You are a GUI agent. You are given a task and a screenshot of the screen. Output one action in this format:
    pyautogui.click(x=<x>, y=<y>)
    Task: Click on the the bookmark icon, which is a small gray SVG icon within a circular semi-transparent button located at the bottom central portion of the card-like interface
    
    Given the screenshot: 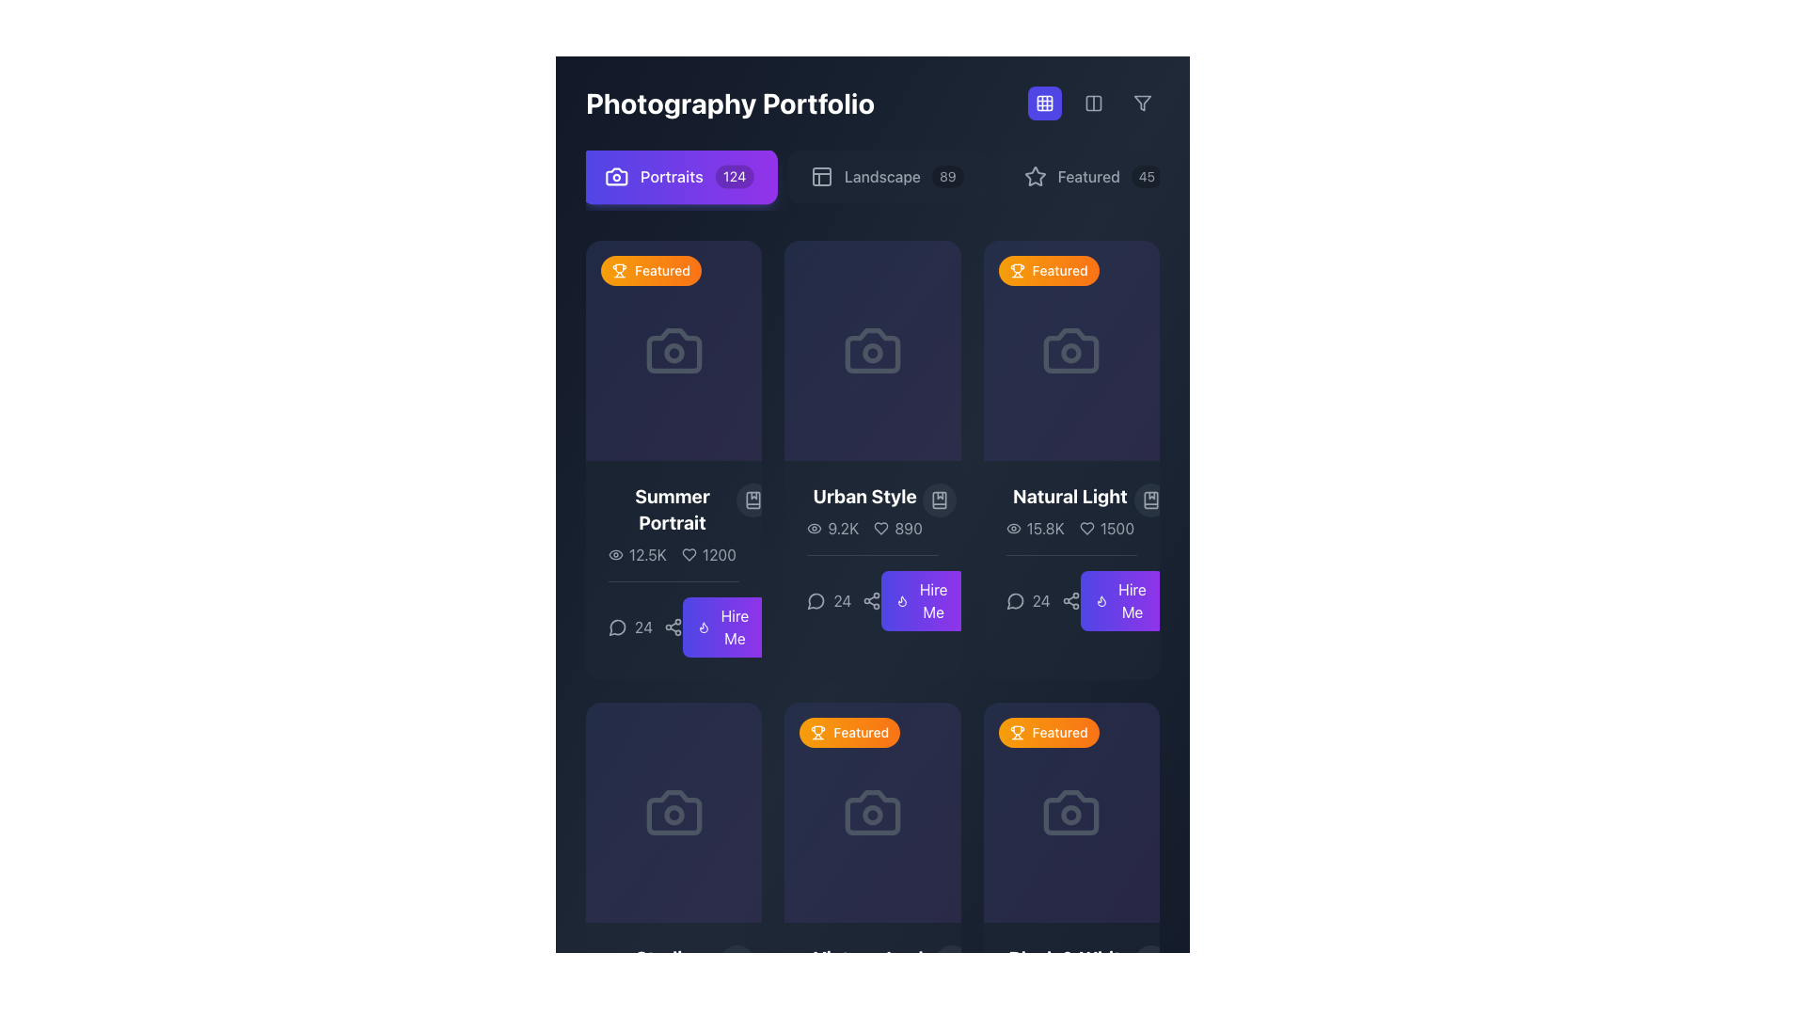 What is the action you would take?
    pyautogui.click(x=736, y=962)
    